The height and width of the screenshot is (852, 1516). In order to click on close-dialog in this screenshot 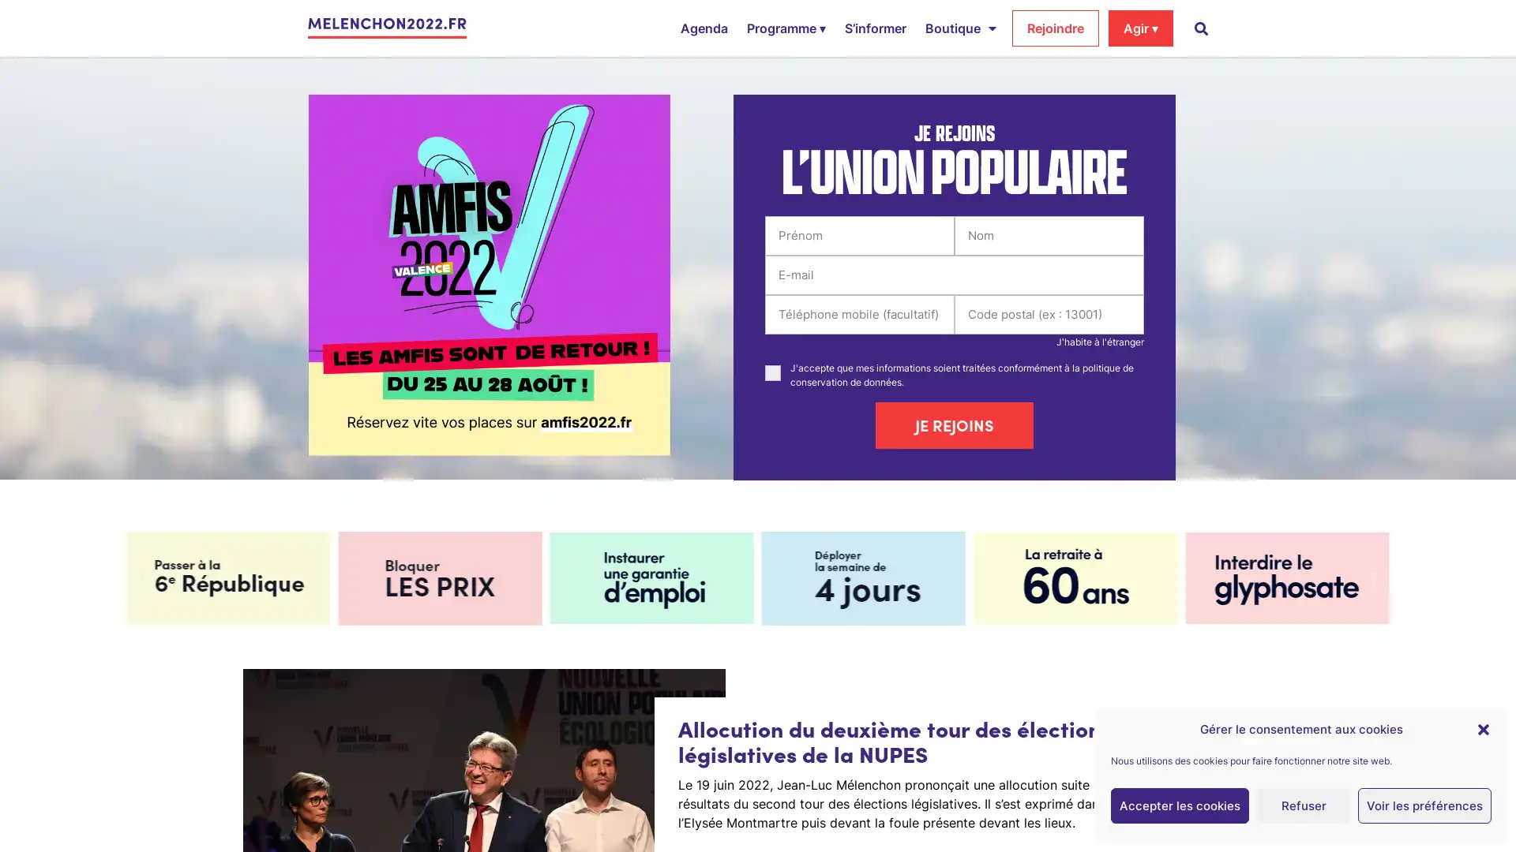, I will do `click(1482, 729)`.